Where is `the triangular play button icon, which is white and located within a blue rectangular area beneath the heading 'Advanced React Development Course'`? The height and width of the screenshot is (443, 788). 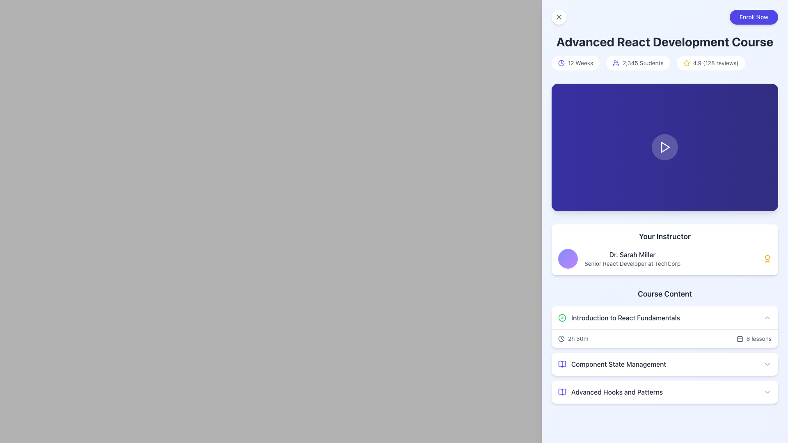
the triangular play button icon, which is white and located within a blue rectangular area beneath the heading 'Advanced React Development Course' is located at coordinates (665, 147).